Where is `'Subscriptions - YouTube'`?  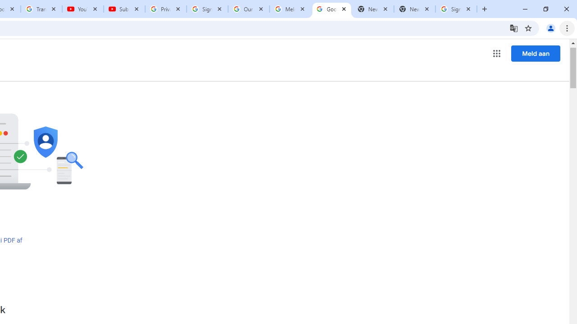 'Subscriptions - YouTube' is located at coordinates (124, 9).